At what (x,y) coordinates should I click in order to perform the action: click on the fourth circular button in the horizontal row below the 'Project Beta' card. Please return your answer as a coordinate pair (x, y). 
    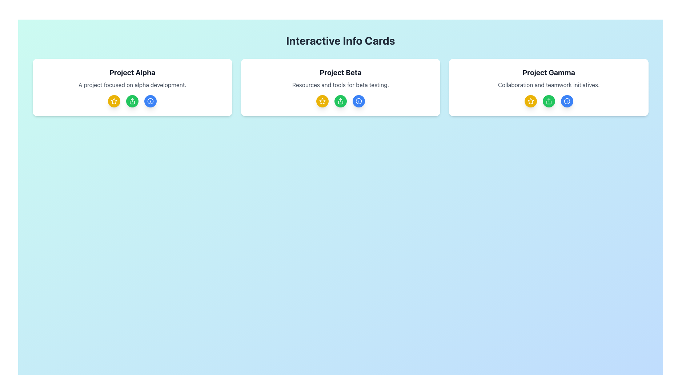
    Looking at the image, I should click on (359, 101).